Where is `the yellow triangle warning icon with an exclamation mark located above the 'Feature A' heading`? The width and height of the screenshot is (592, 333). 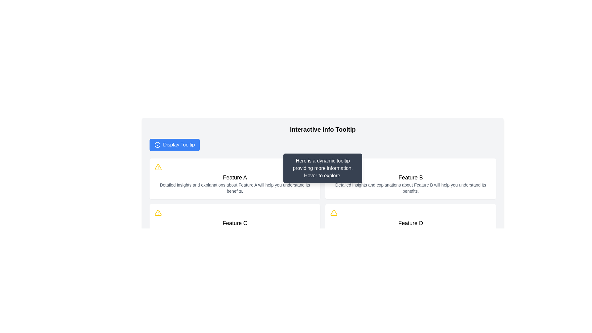
the yellow triangle warning icon with an exclamation mark located above the 'Feature A' heading is located at coordinates (158, 167).